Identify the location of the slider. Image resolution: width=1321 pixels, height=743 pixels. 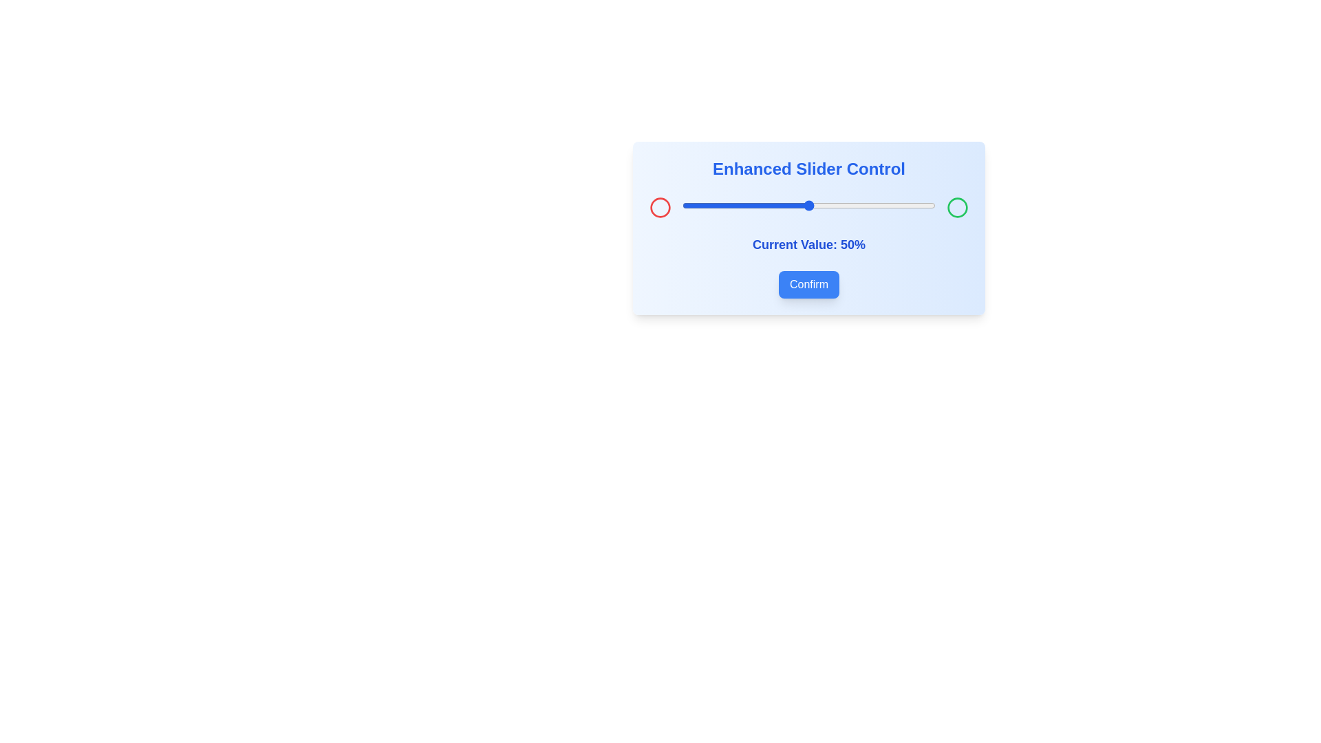
(768, 206).